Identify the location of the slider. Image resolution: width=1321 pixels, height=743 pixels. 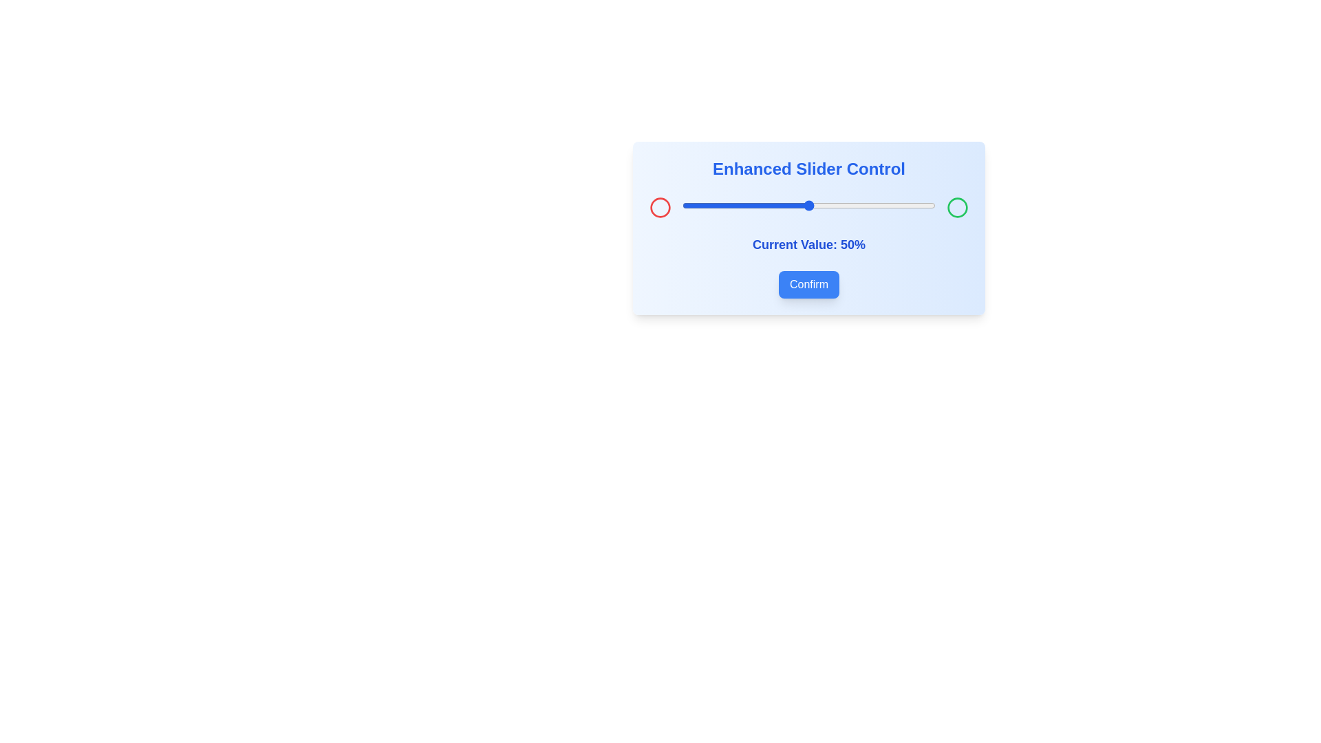
(768, 206).